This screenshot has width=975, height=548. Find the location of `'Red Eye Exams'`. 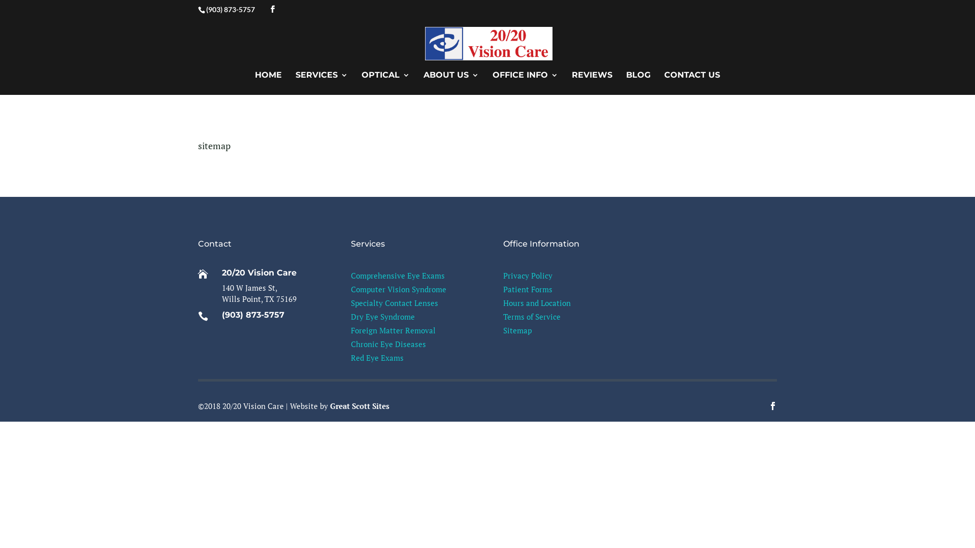

'Red Eye Exams' is located at coordinates (377, 357).